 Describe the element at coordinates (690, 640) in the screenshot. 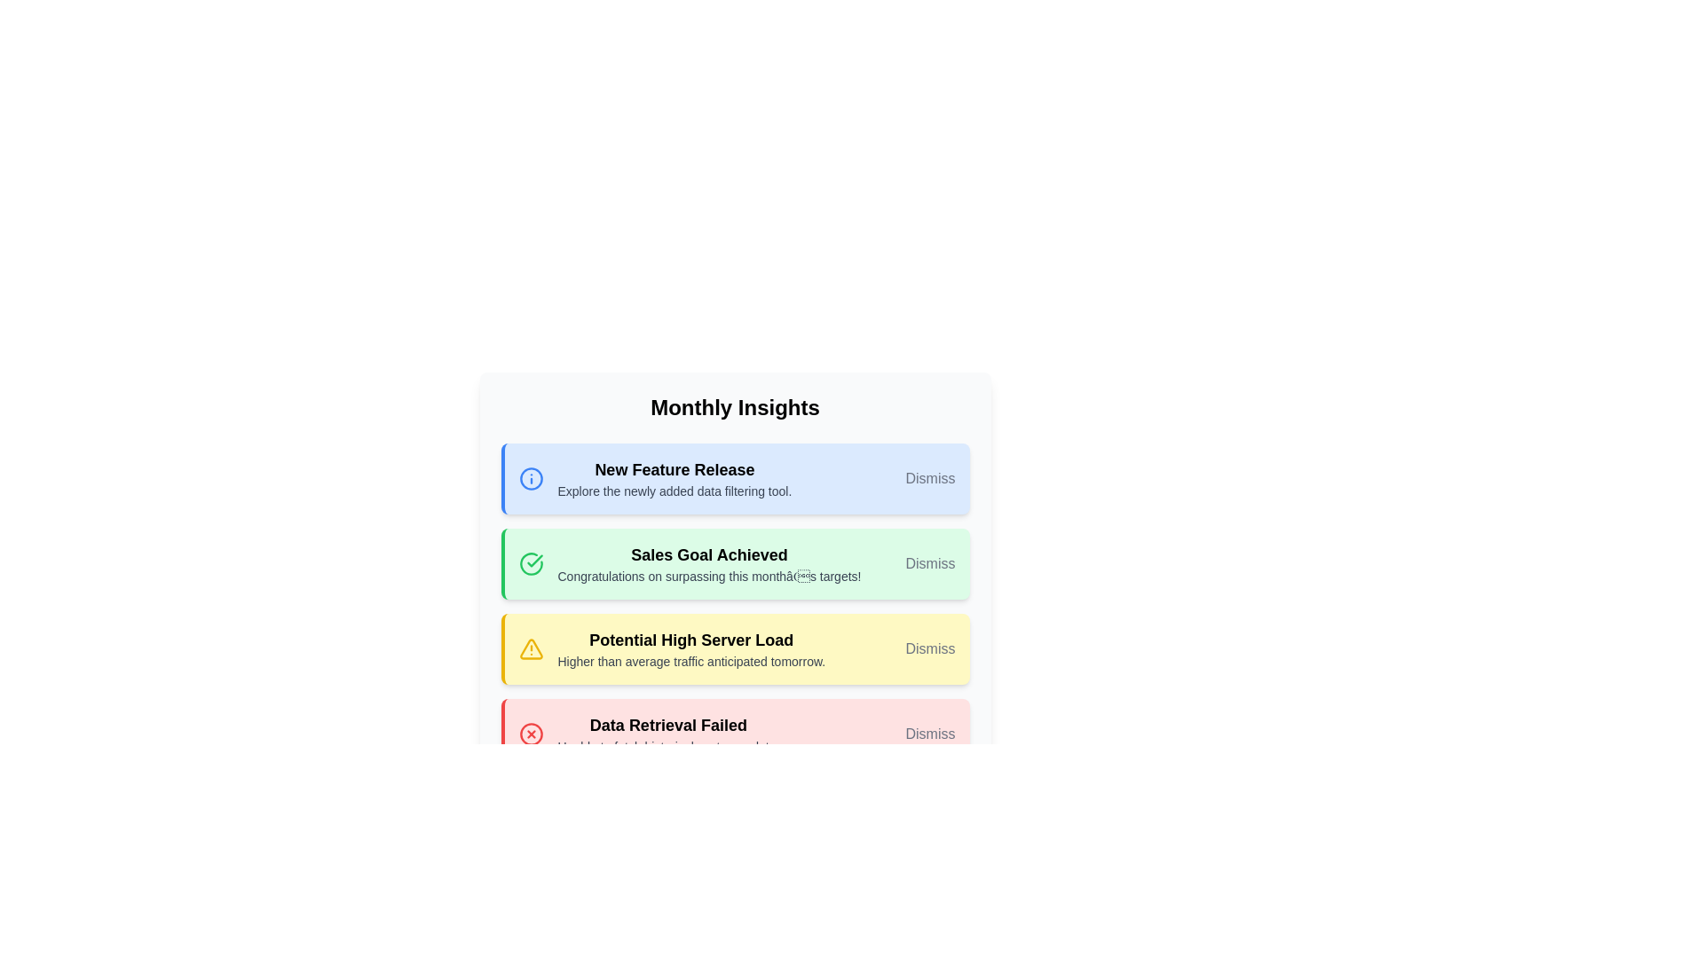

I see `title text of the notification card located in the upper half of the third card in a vertically stacked set of notification cards` at that location.